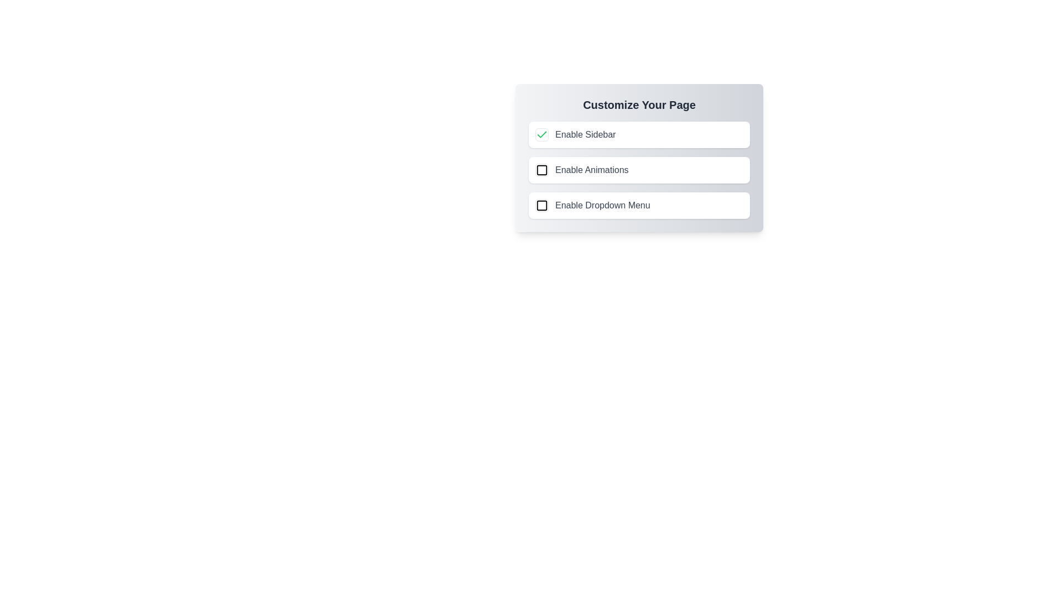 Image resolution: width=1062 pixels, height=597 pixels. I want to click on the square checkbox for the 'Enable Dropdown Menu' option, so click(542, 205).